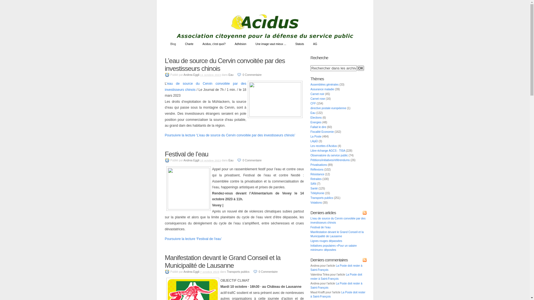 Image resolution: width=534 pixels, height=300 pixels. I want to click on 'Fallait le dire', so click(318, 127).